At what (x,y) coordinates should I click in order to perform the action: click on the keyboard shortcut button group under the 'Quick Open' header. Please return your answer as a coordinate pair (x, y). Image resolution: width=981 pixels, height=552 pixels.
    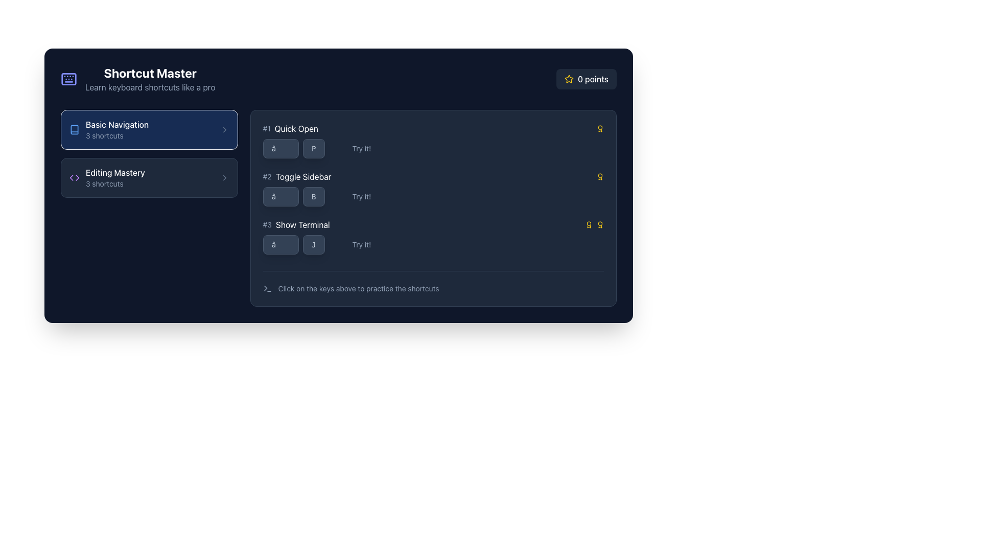
    Looking at the image, I should click on (293, 148).